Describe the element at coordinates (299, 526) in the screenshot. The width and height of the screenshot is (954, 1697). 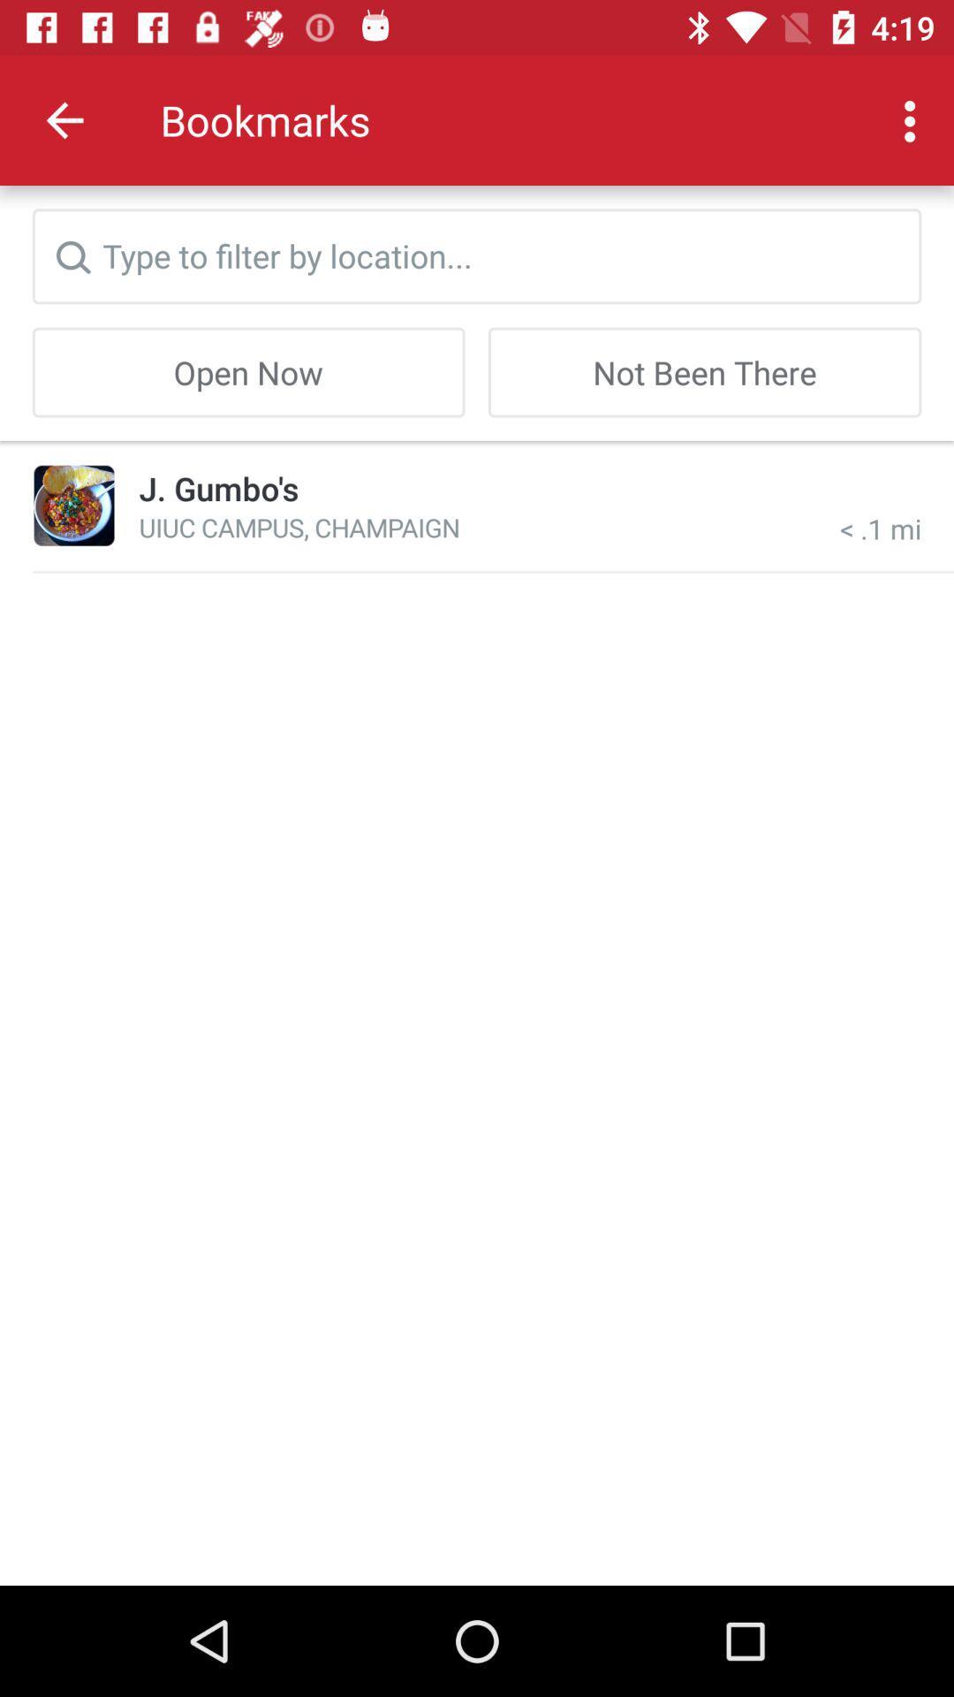
I see `icon next to < .1 mi` at that location.